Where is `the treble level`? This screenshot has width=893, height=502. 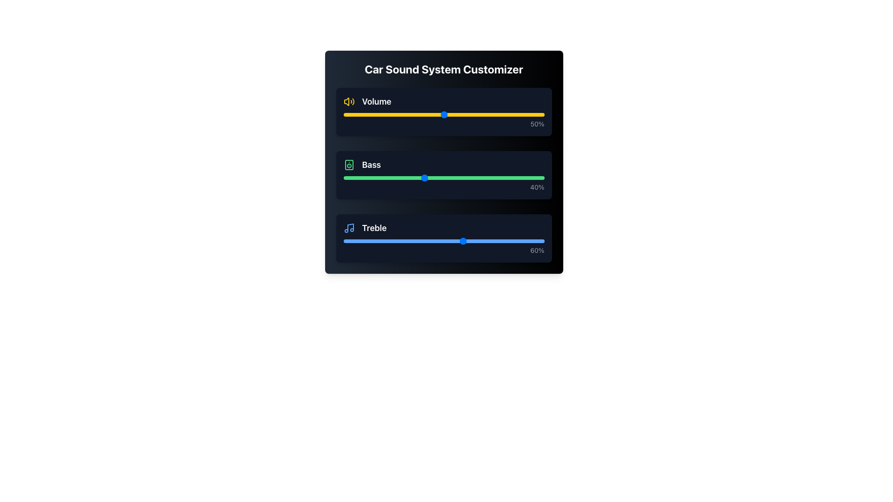
the treble level is located at coordinates (409, 241).